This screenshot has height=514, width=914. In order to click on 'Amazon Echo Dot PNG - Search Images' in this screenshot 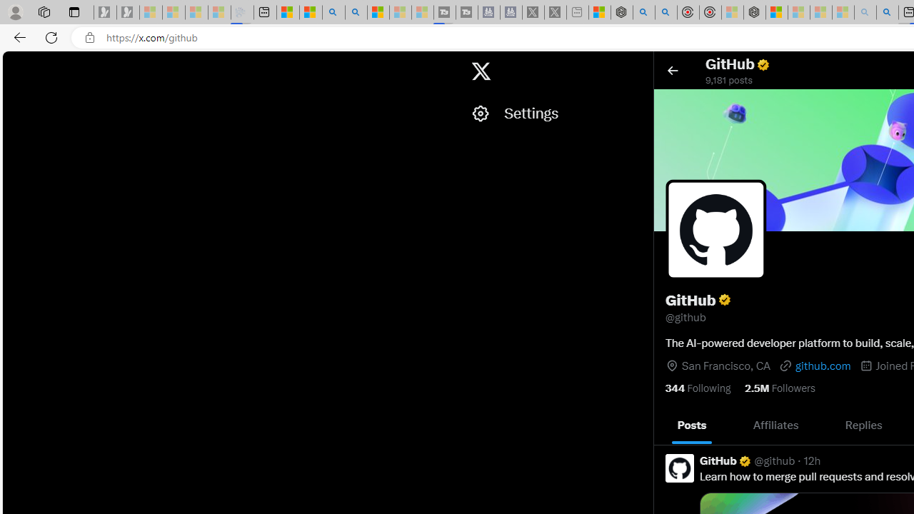, I will do `click(886, 12)`.